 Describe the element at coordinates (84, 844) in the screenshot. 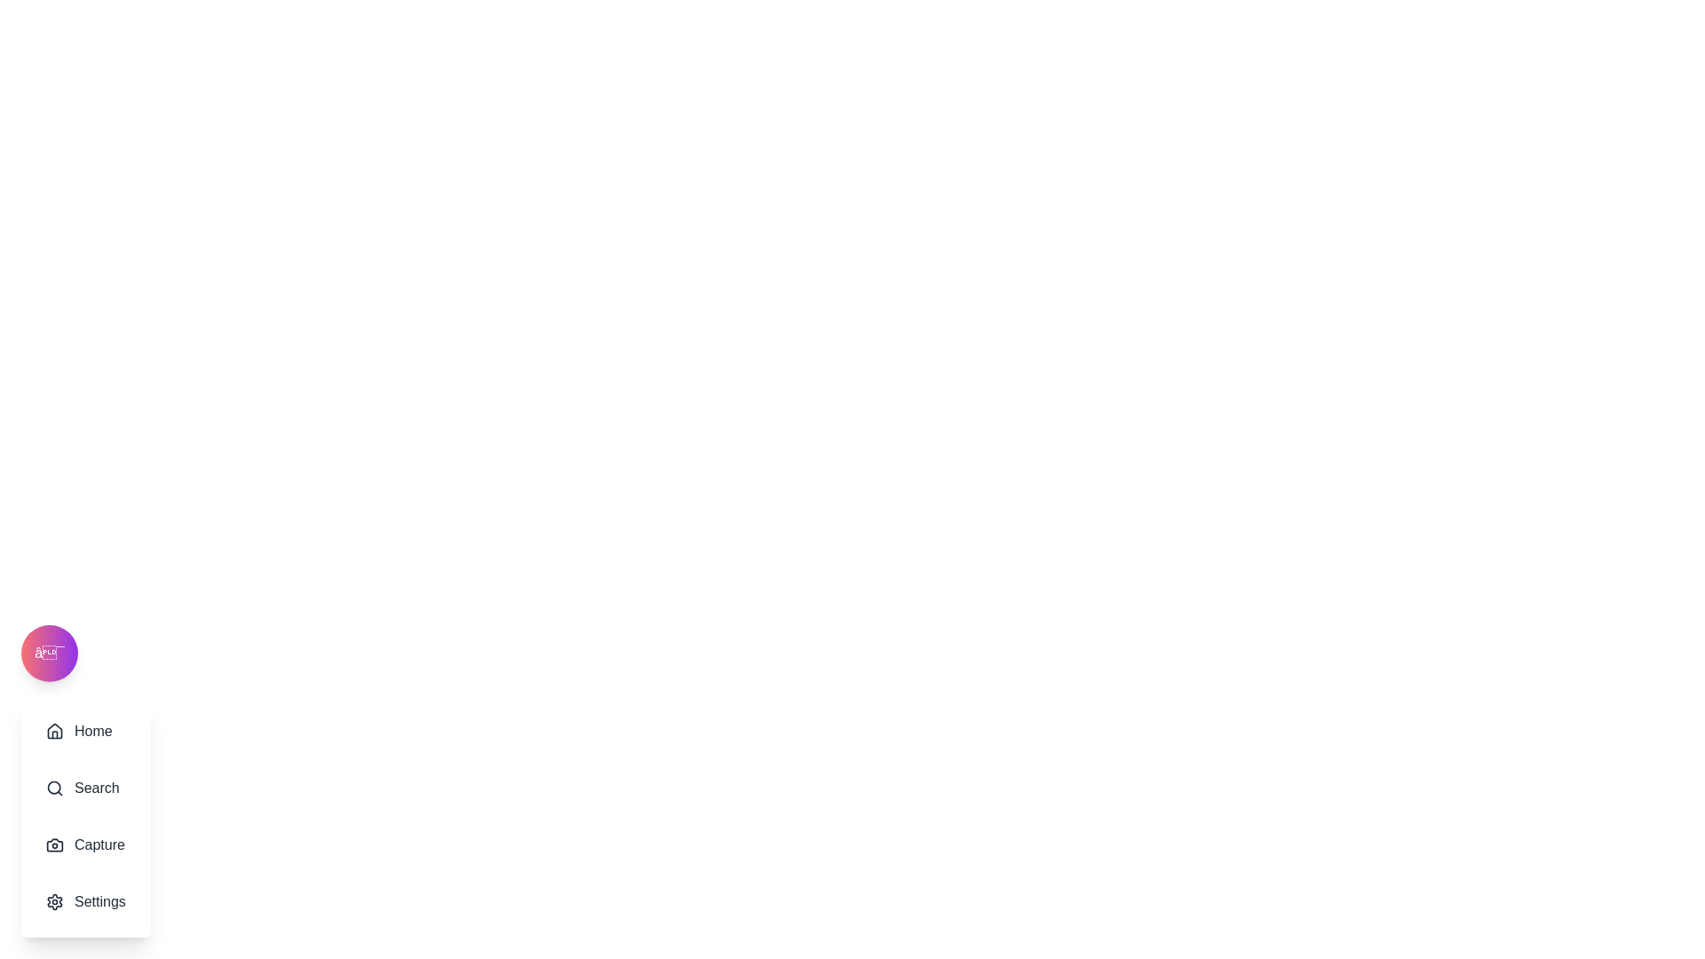

I see `the menu item Capture to reveal its hover effect` at that location.